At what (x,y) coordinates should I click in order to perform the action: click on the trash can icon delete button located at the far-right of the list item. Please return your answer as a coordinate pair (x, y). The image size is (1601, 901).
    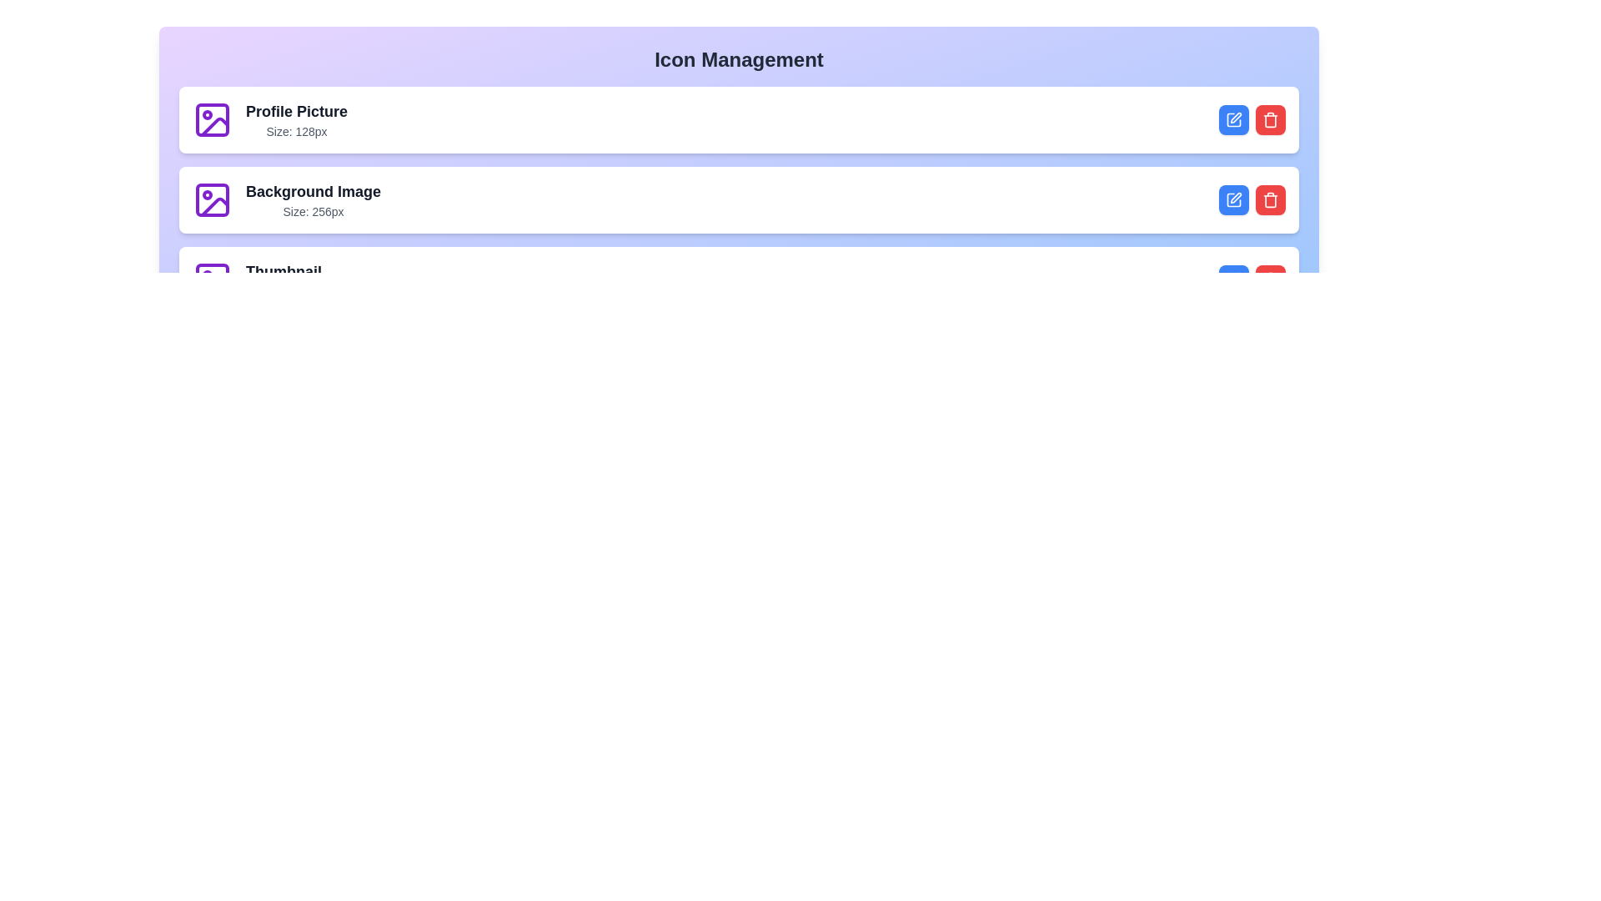
    Looking at the image, I should click on (1269, 199).